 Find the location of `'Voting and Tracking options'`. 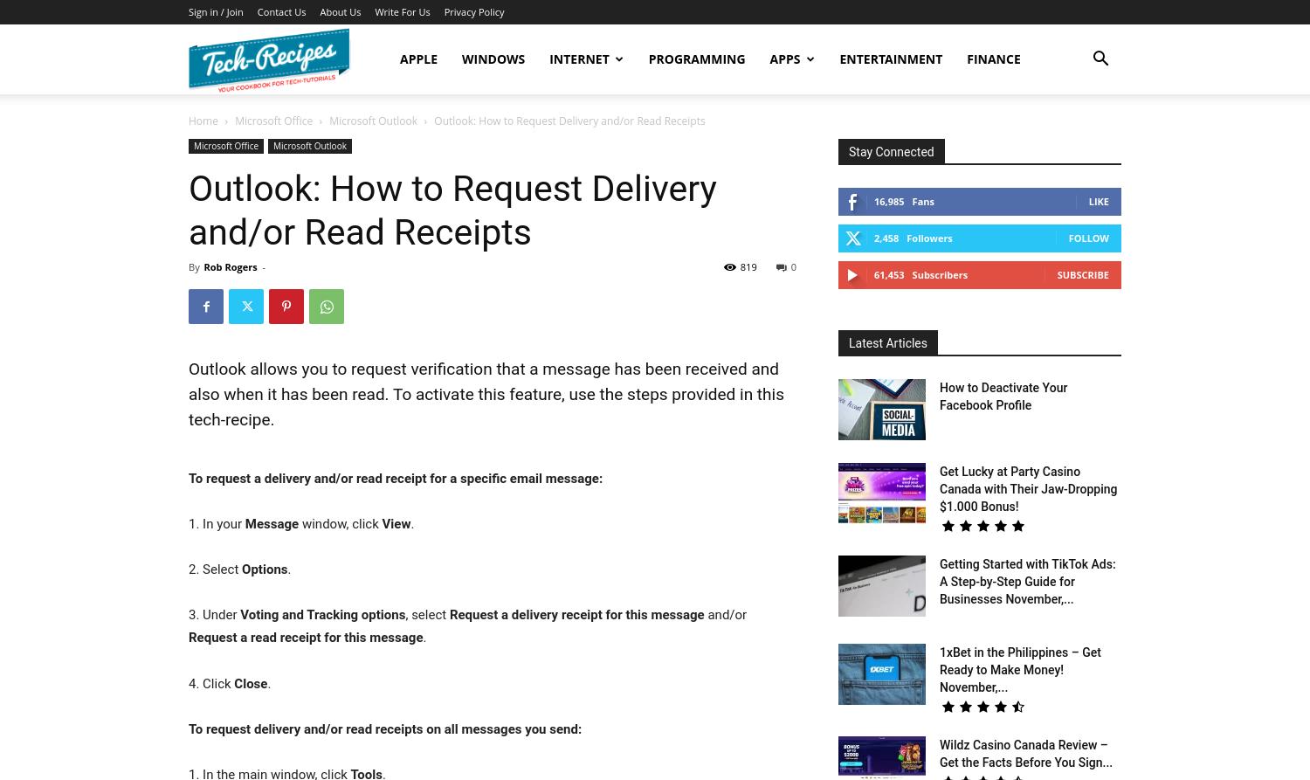

'Voting and Tracking options' is located at coordinates (321, 615).